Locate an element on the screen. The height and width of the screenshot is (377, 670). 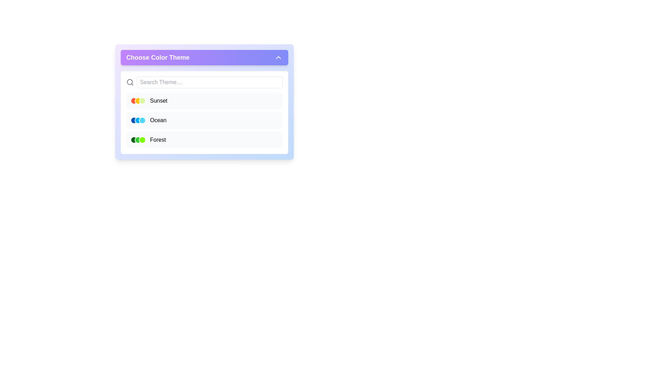
the 'Forest' color theme list item in the dropdown menu titled 'Choose Color Theme' to apply the green-themed color palette is located at coordinates (148, 140).